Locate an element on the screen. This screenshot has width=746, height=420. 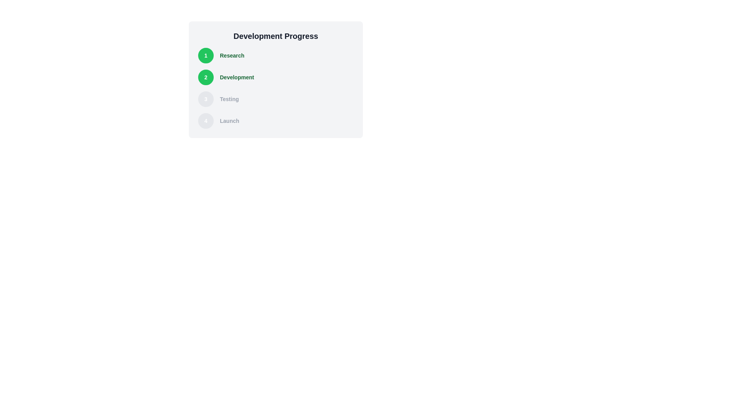
the Circular interactive element indicating 'Development' in the vertical progress tracker is located at coordinates (206, 77).